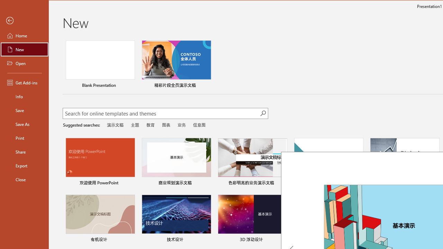 Image resolution: width=443 pixels, height=249 pixels. Describe the element at coordinates (25, 20) in the screenshot. I see `'Back'` at that location.